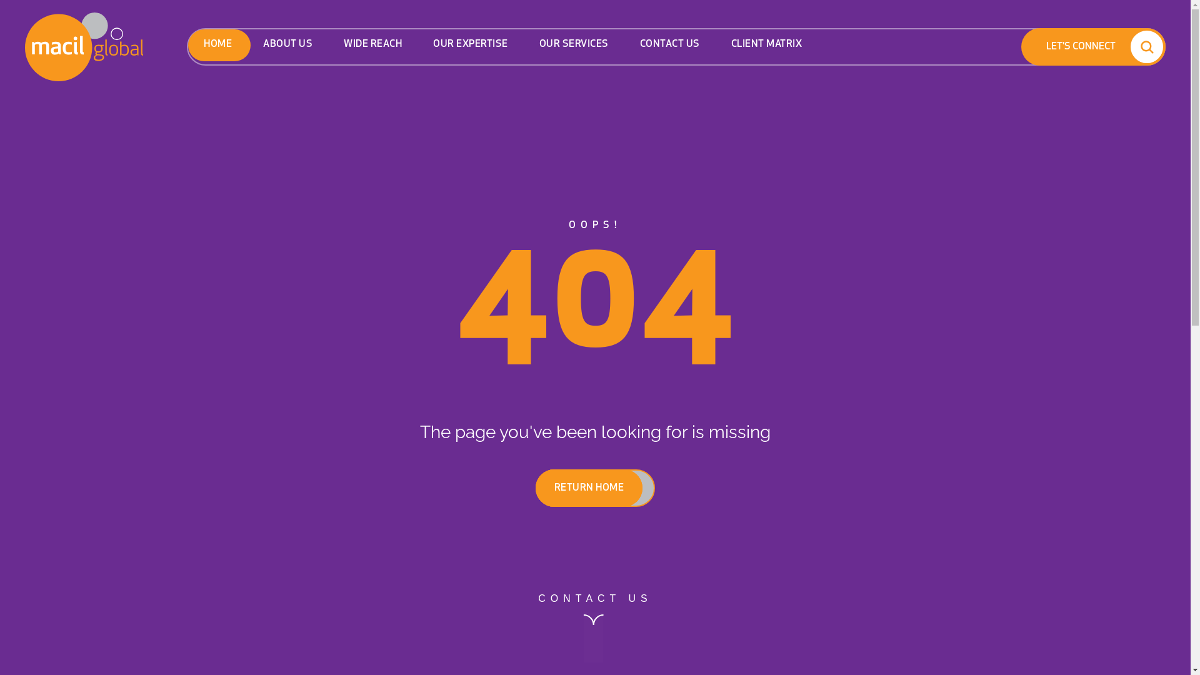 Image resolution: width=1200 pixels, height=675 pixels. What do you see at coordinates (716, 44) in the screenshot?
I see `'CLIENT MATRIX'` at bounding box center [716, 44].